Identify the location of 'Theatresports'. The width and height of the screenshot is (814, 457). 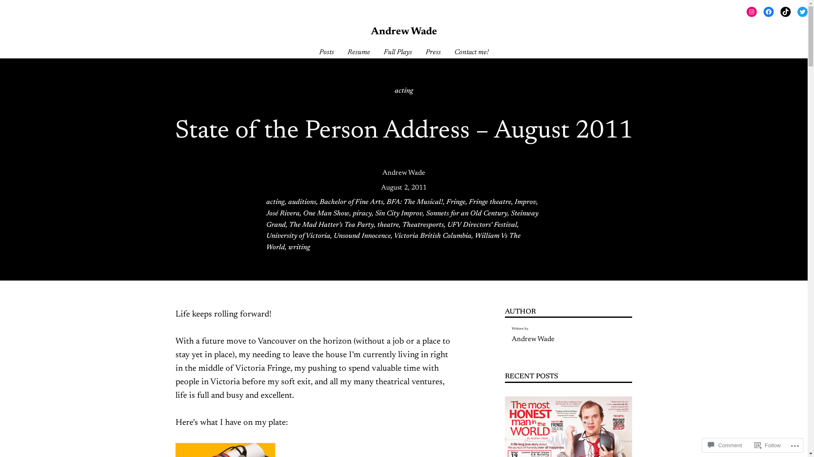
(423, 225).